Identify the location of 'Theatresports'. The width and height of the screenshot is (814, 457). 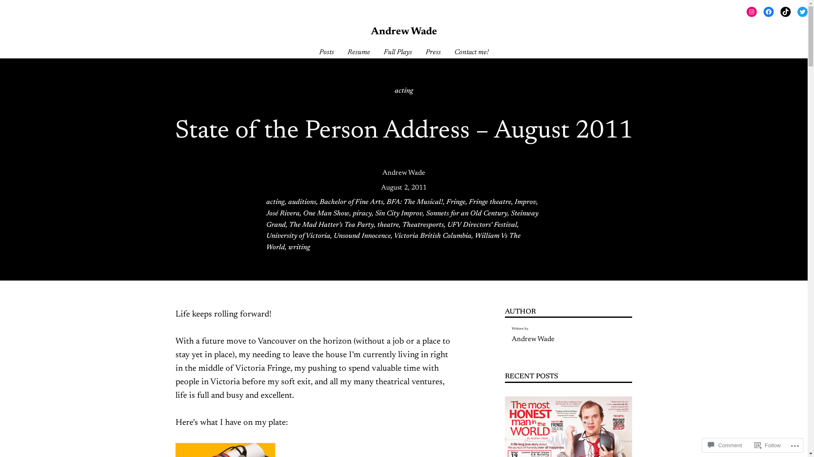
(423, 225).